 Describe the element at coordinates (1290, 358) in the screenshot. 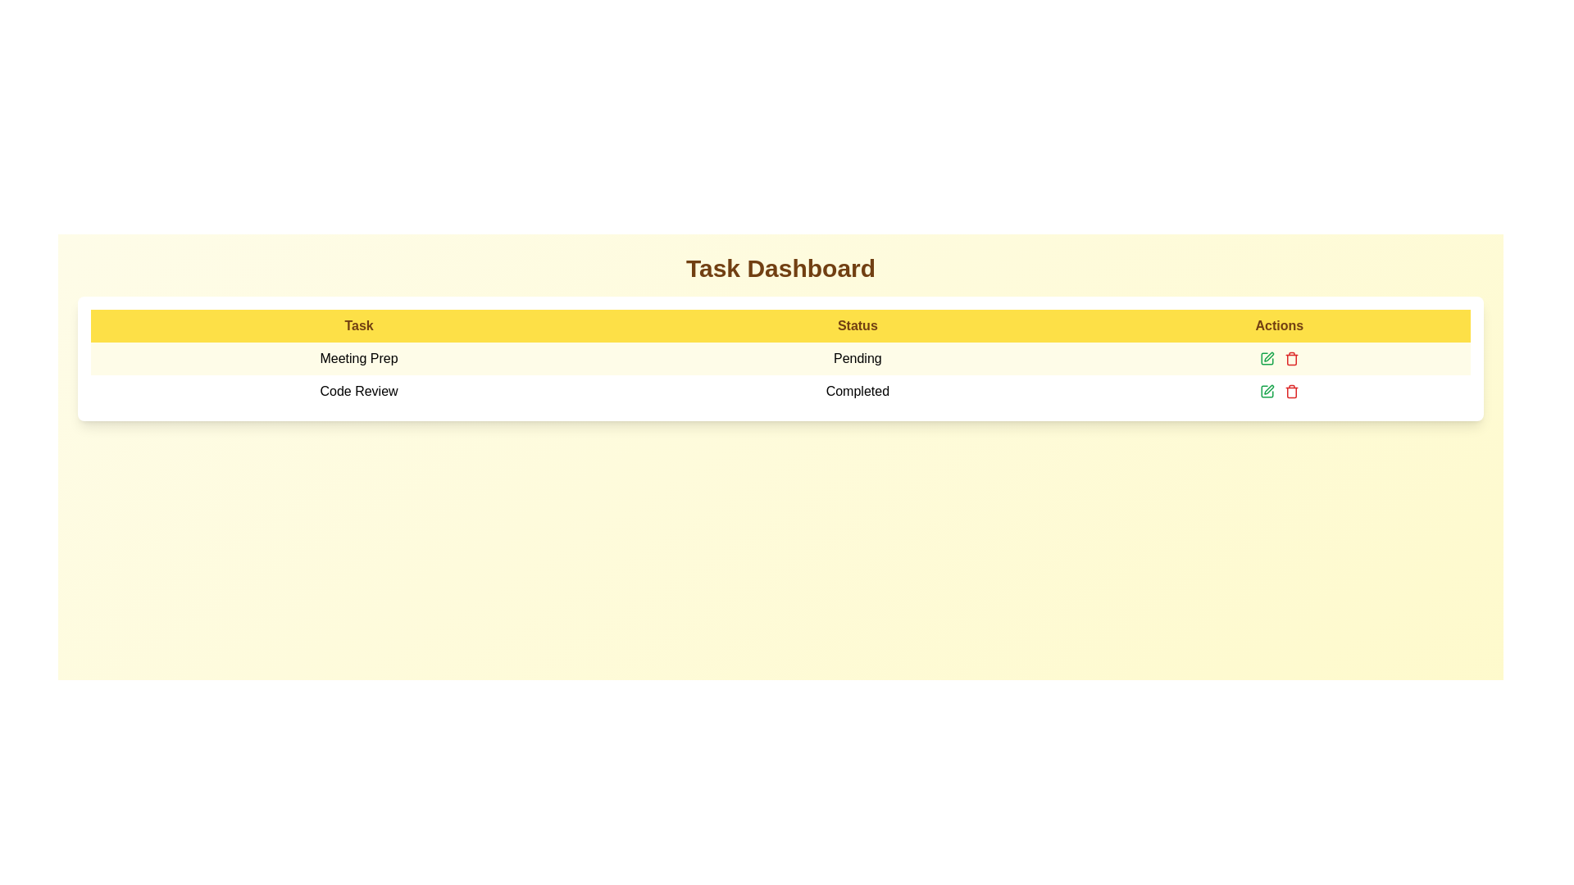

I see `the delete action icon button located in the second row of the 'Actions' column in the table` at that location.